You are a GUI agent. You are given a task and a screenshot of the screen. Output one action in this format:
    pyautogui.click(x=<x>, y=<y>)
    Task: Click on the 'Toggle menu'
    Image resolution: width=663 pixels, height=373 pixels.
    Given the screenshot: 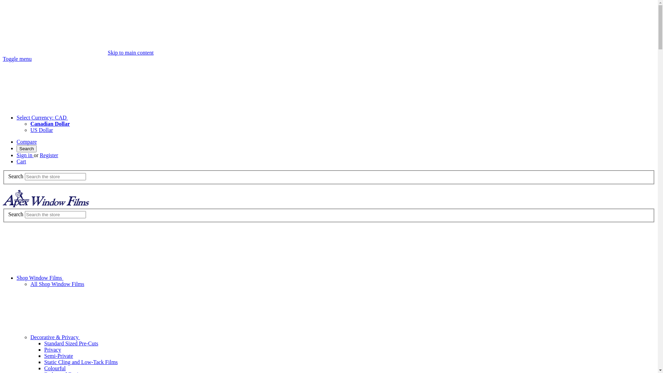 What is the action you would take?
    pyautogui.click(x=17, y=58)
    